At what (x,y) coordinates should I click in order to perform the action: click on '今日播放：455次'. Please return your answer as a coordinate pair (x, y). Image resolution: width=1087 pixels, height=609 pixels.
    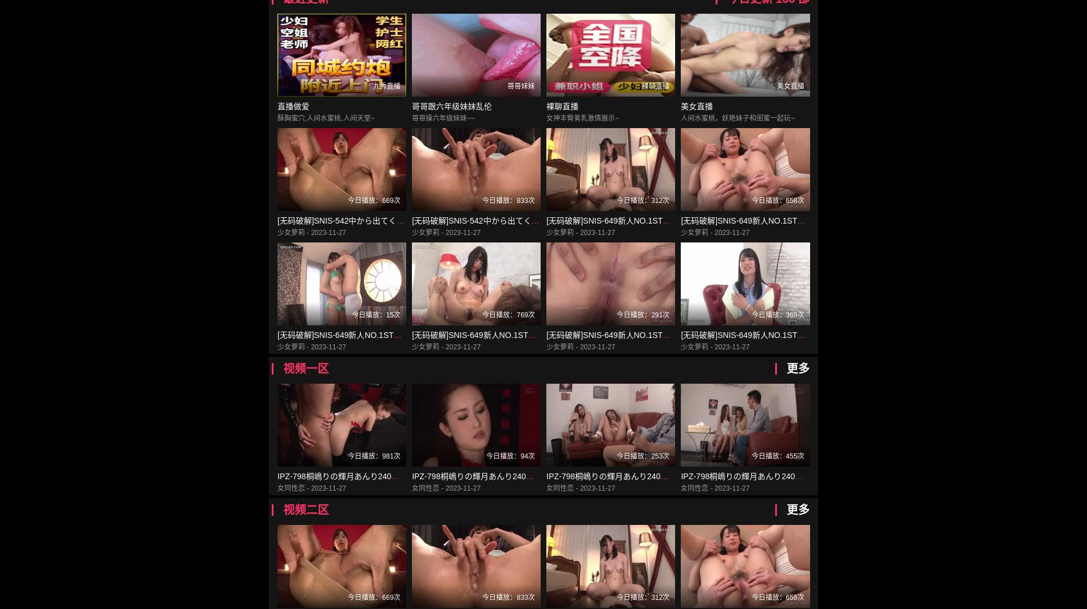
    Looking at the image, I should click on (751, 456).